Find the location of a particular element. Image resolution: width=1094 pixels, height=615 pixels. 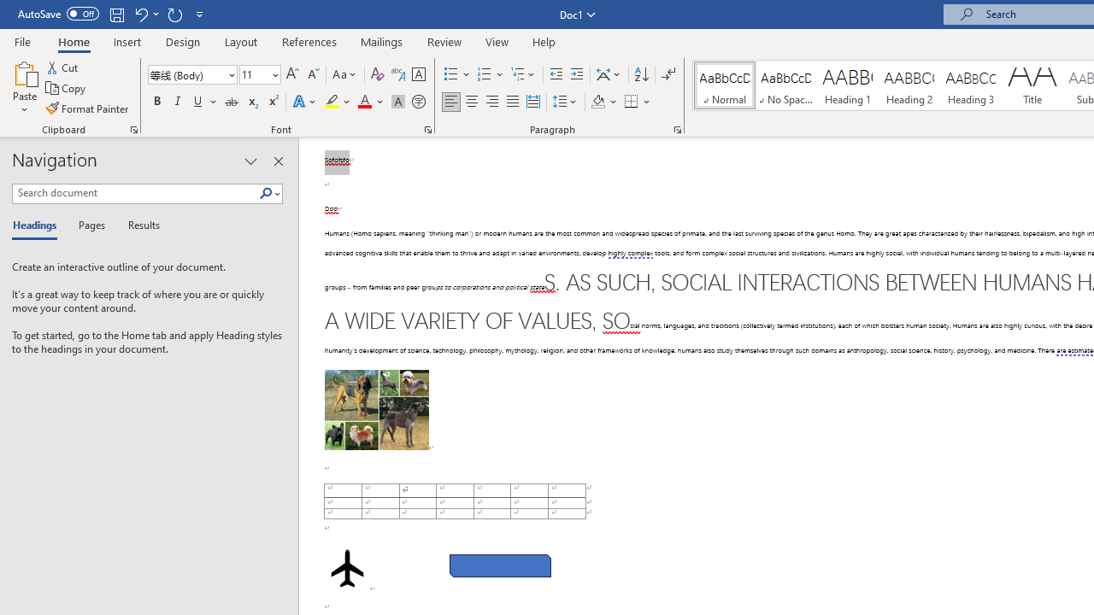

'Superscript' is located at coordinates (272, 102).